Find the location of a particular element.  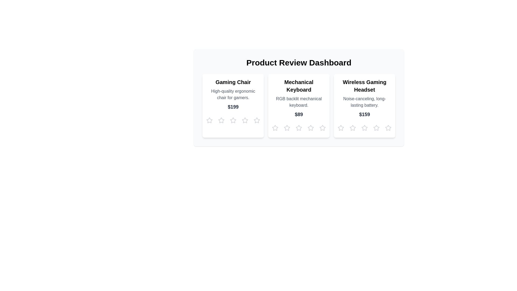

the star corresponding to 1 for the product Gaming Chair is located at coordinates (209, 120).